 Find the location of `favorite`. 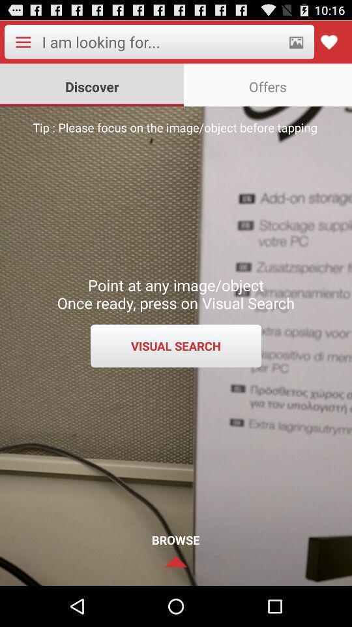

favorite is located at coordinates (328, 42).